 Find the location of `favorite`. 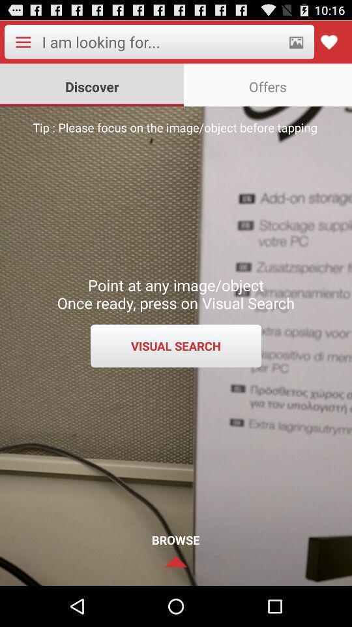

favorite is located at coordinates (328, 42).